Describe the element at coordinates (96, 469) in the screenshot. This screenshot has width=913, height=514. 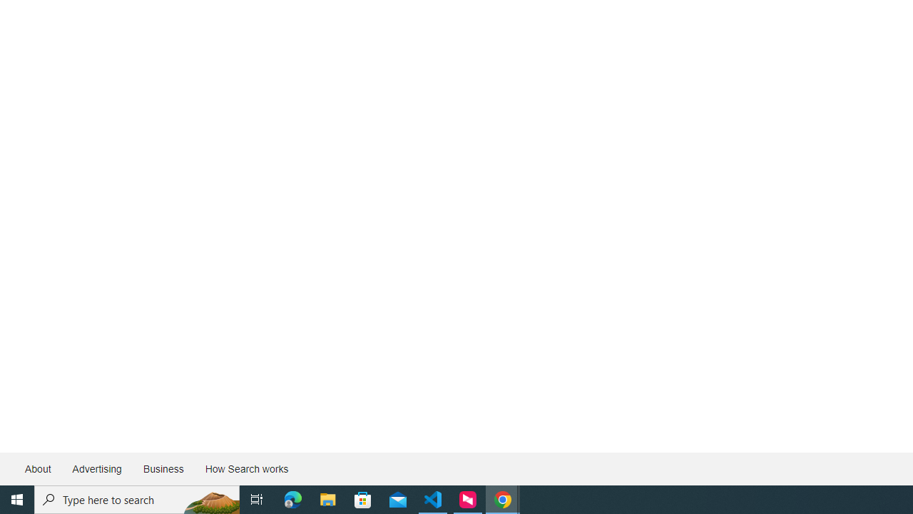
I see `'Advertising'` at that location.